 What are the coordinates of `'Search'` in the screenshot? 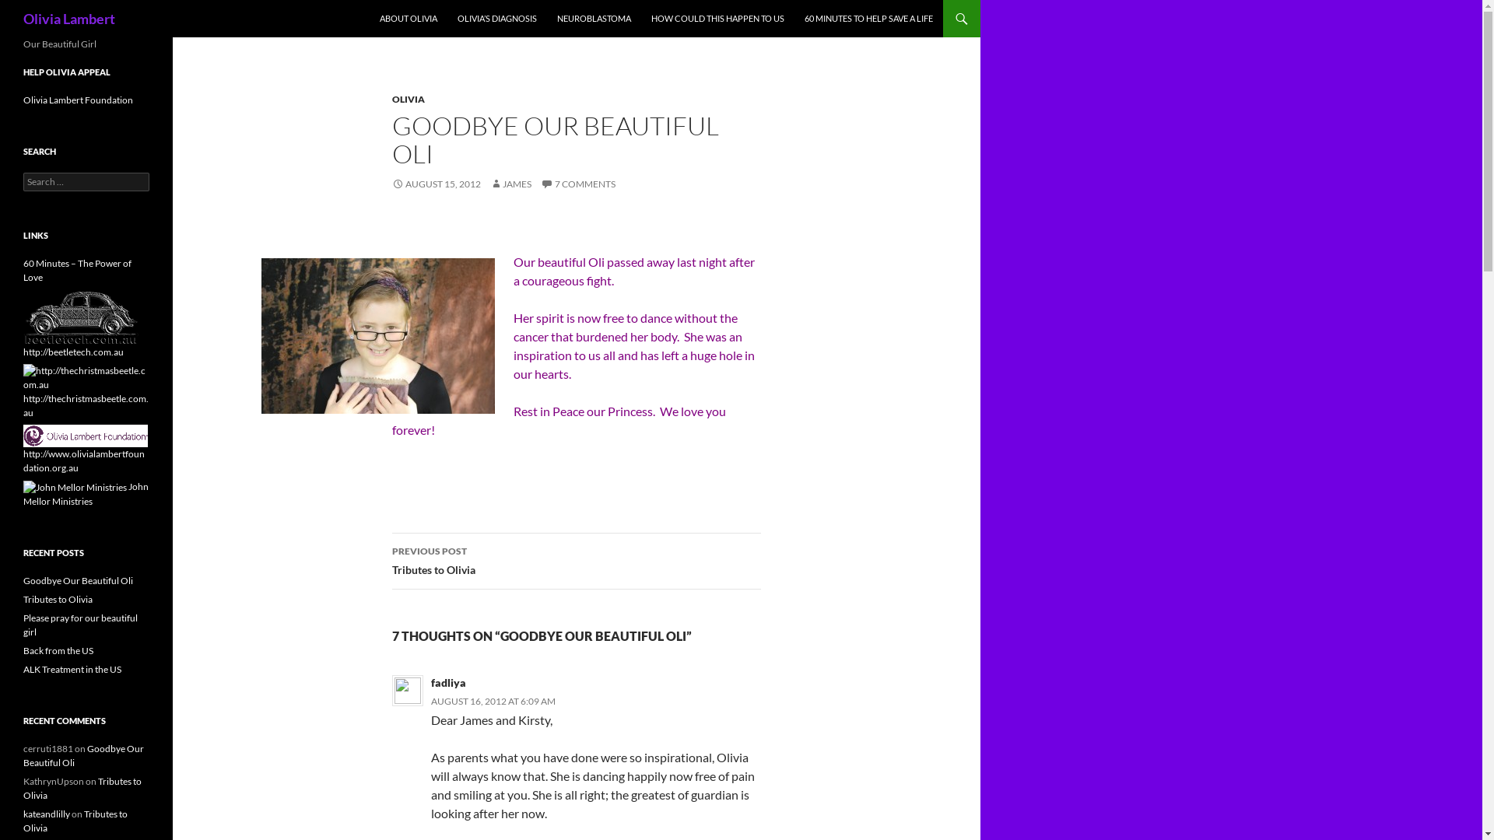 It's located at (30, 9).